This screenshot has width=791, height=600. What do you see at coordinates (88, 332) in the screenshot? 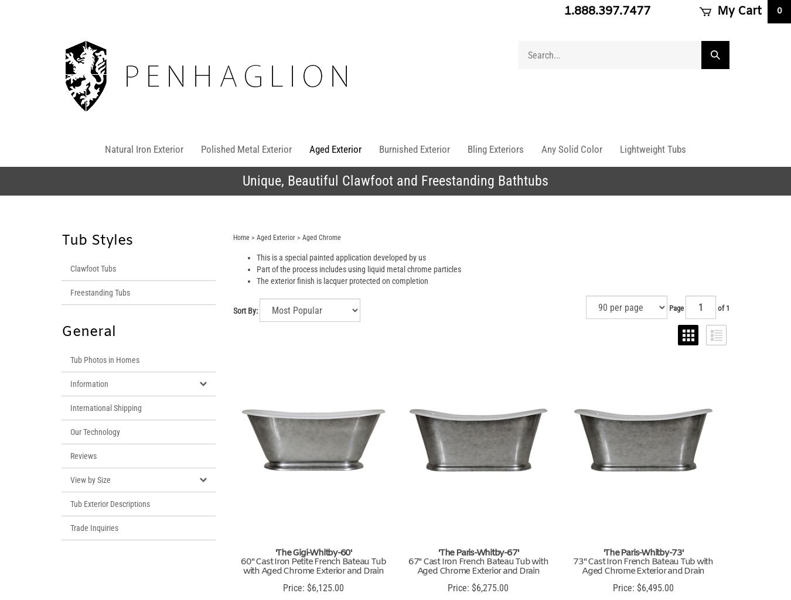
I see `'General'` at bounding box center [88, 332].